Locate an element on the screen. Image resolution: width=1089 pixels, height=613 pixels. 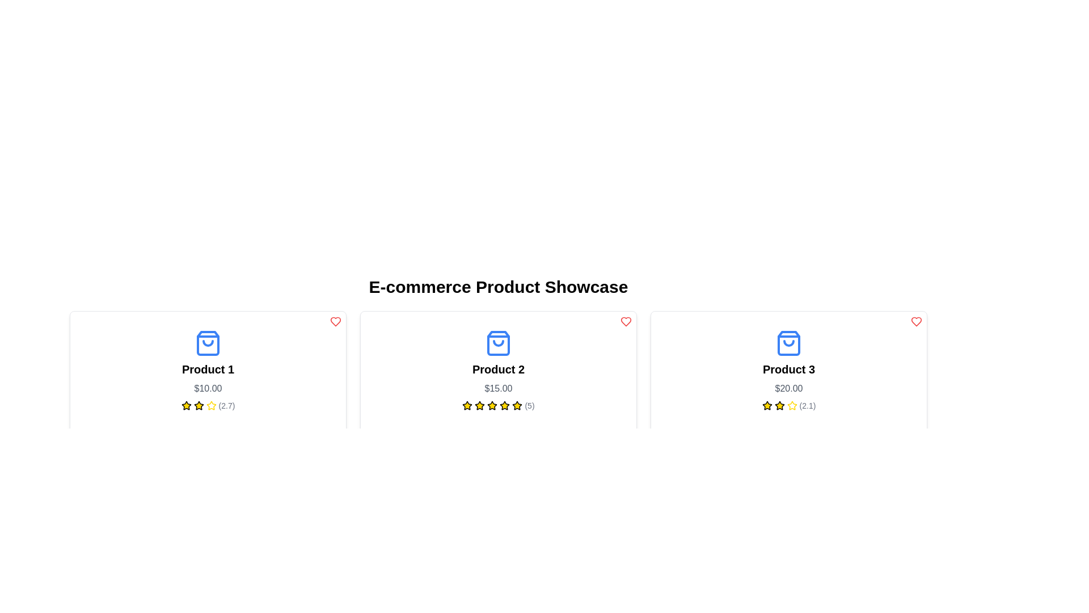
the static text element displaying the price '$15.00', which is styled in gray and located centrally below 'Product 2' and above the star ratings is located at coordinates (498, 388).